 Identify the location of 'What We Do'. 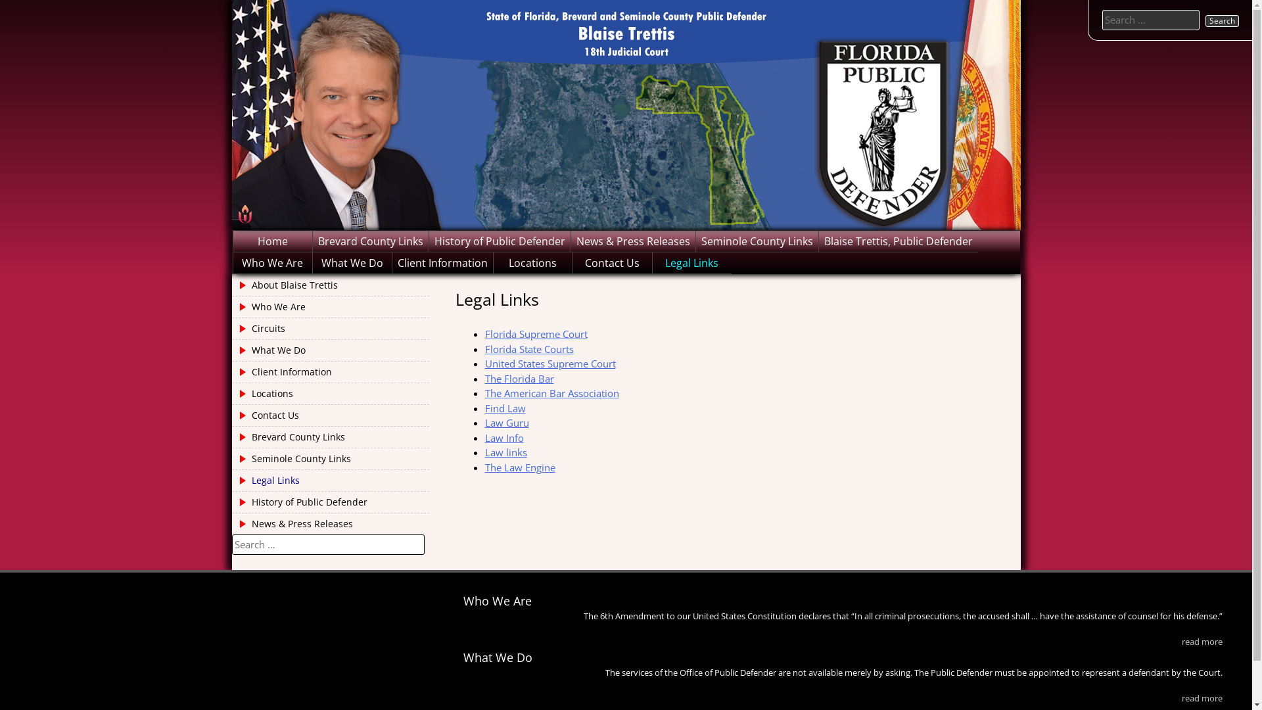
(330, 349).